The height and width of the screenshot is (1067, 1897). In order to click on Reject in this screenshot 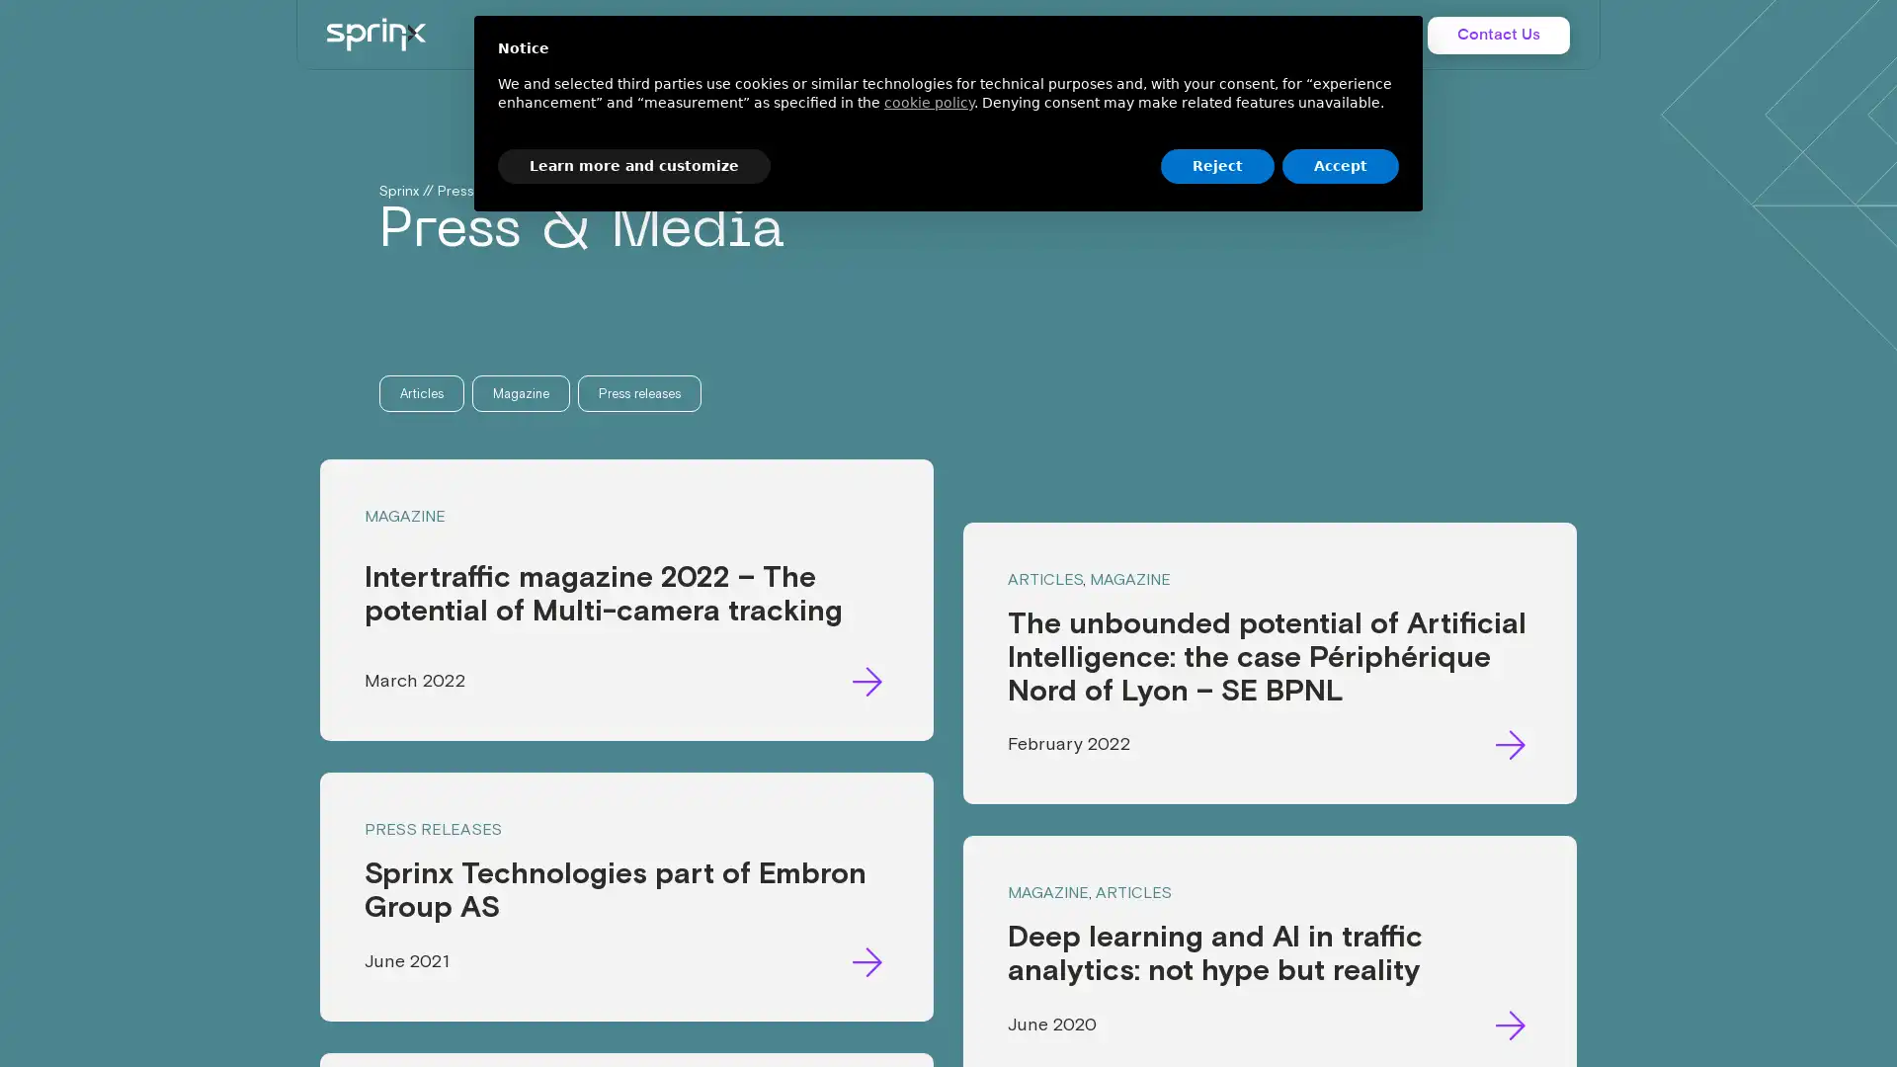, I will do `click(1216, 165)`.